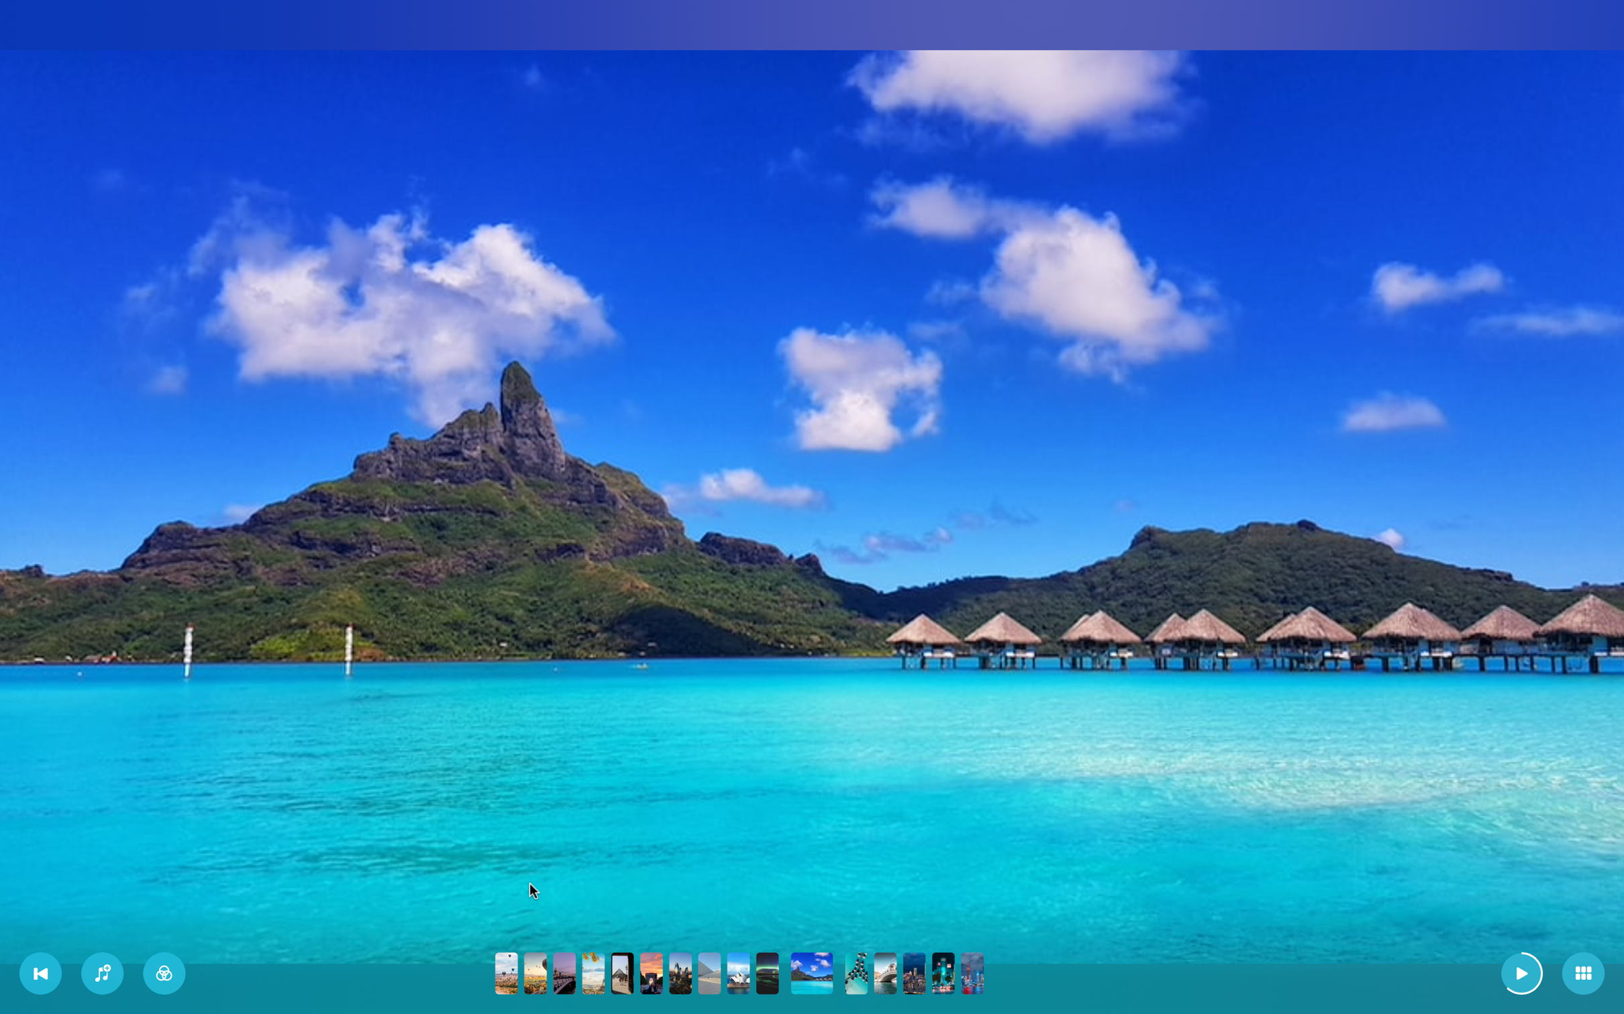 This screenshot has width=1624, height=1014. What do you see at coordinates (972, 974) in the screenshot?
I see `Move to the end snapshot of the slideshow` at bounding box center [972, 974].